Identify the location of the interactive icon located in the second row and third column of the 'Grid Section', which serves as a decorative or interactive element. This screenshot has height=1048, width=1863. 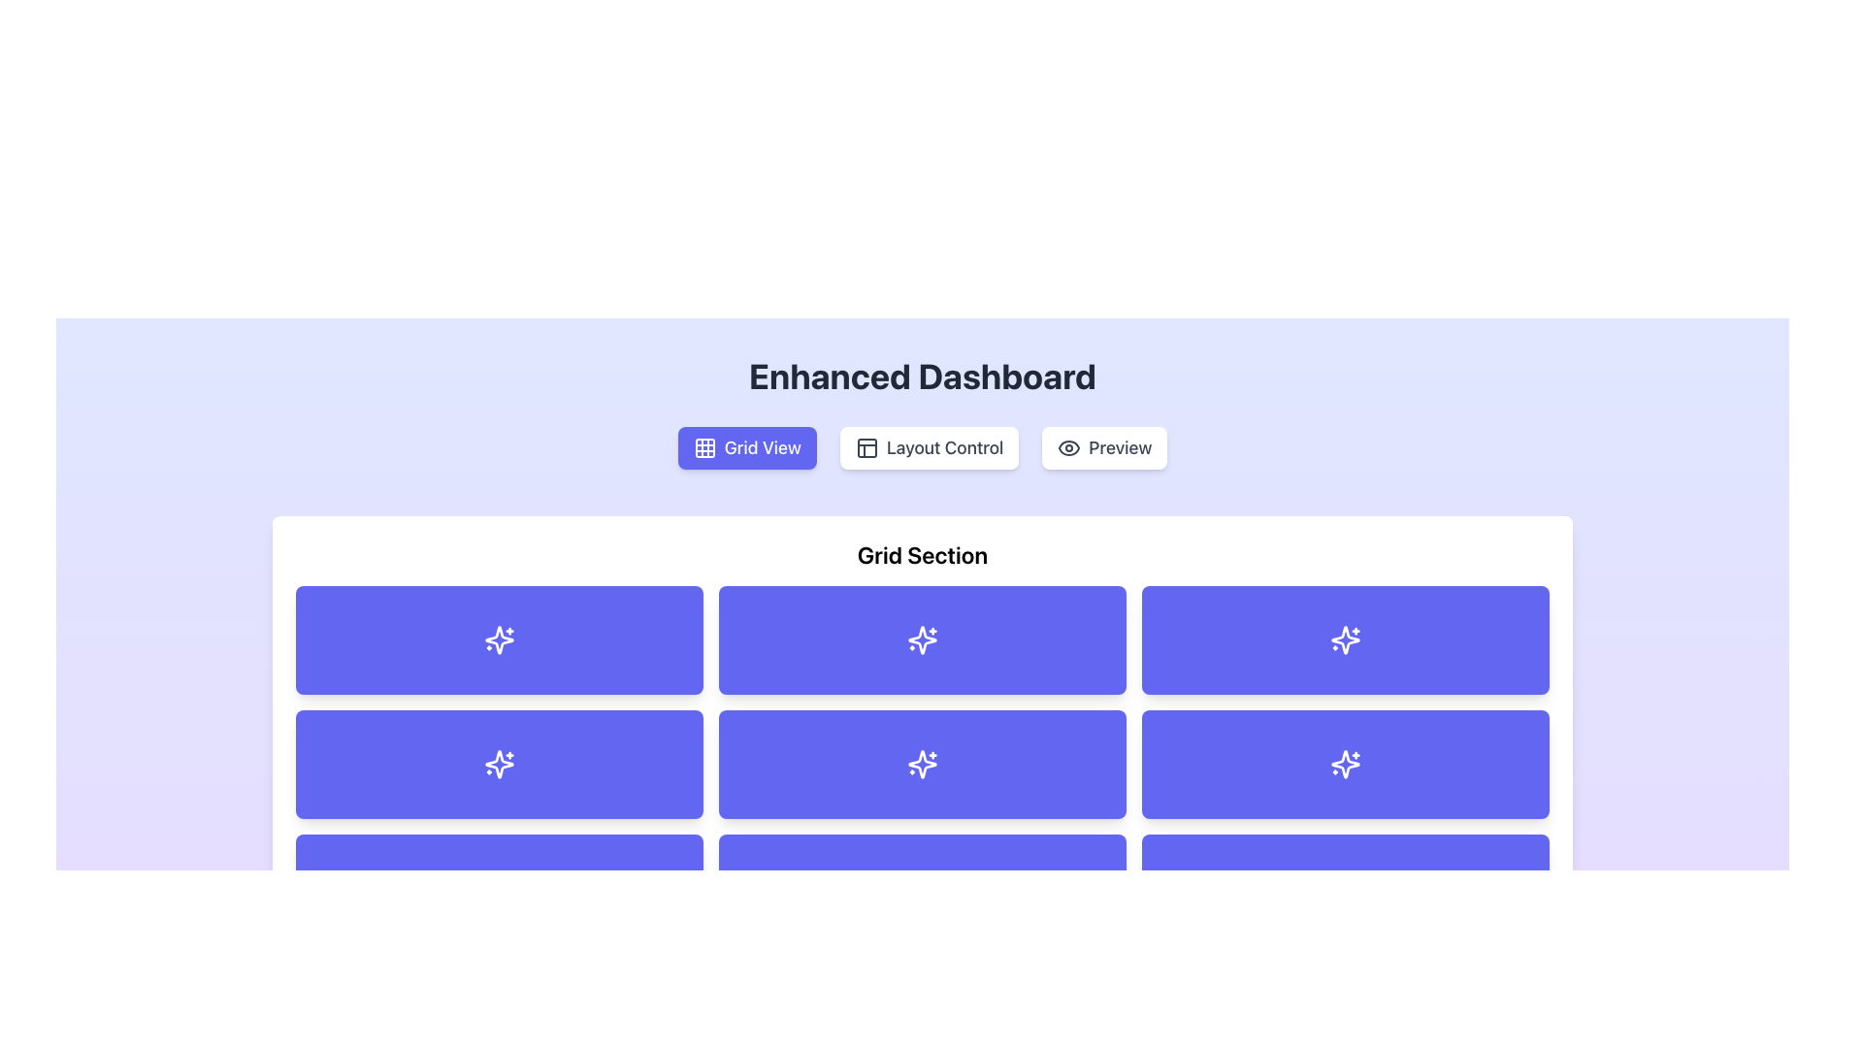
(921, 763).